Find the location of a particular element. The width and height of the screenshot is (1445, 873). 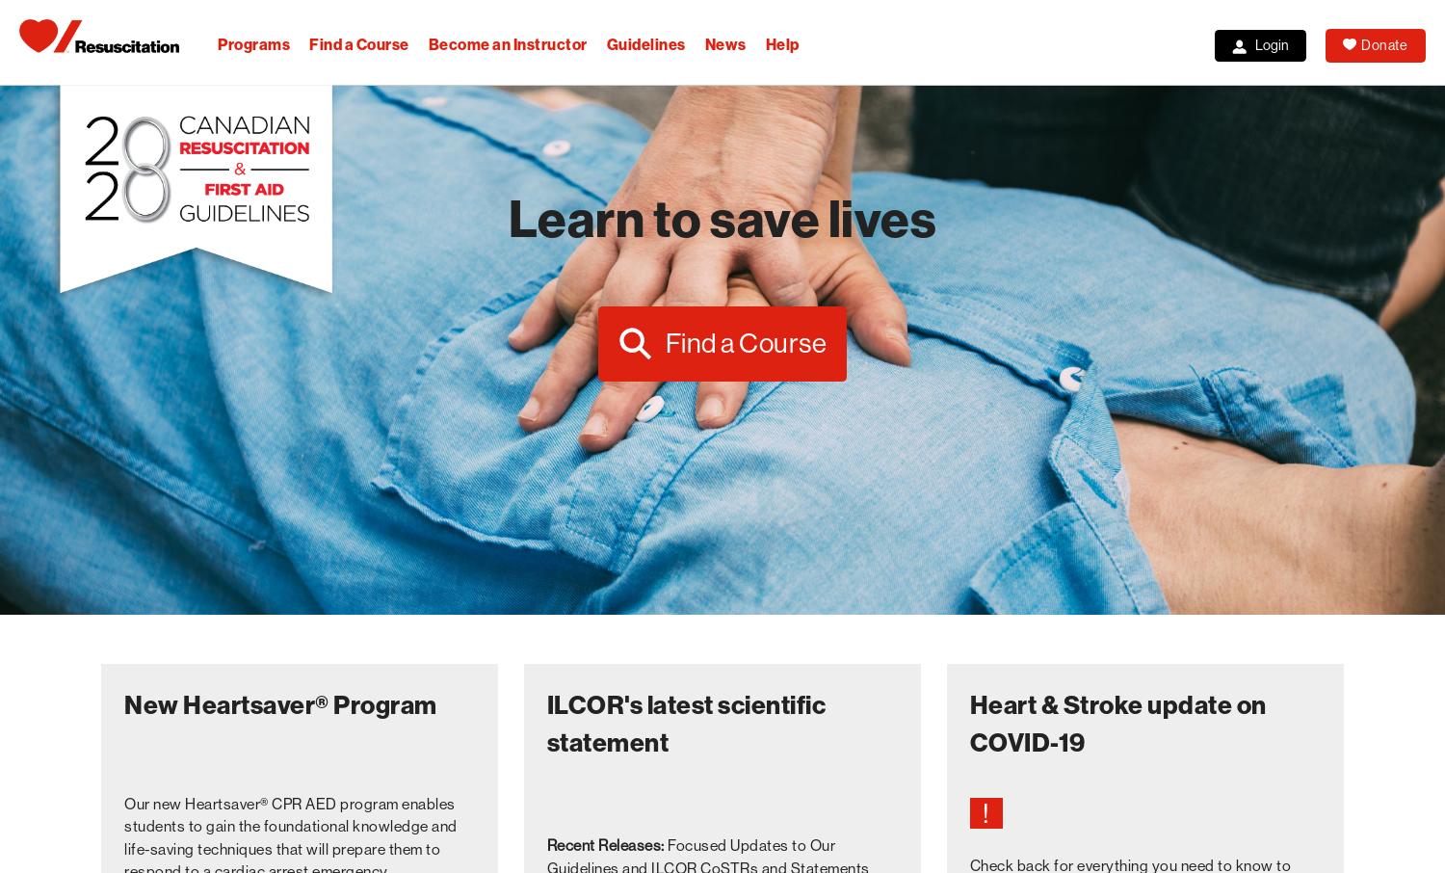

'Programs' is located at coordinates (253, 44).